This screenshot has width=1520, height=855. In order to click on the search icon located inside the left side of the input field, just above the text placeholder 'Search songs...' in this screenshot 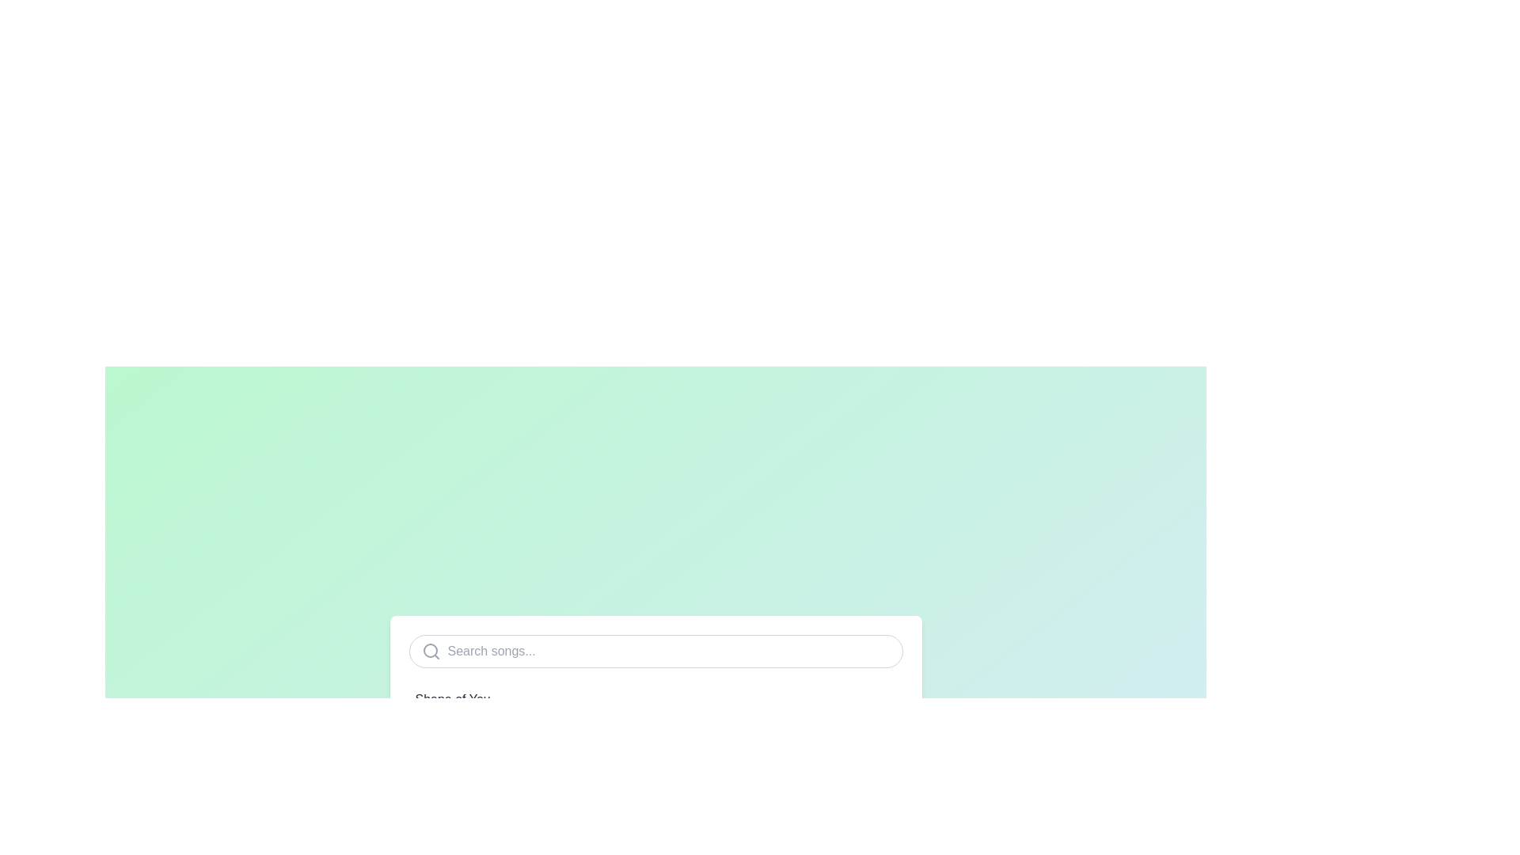, I will do `click(431, 651)`.